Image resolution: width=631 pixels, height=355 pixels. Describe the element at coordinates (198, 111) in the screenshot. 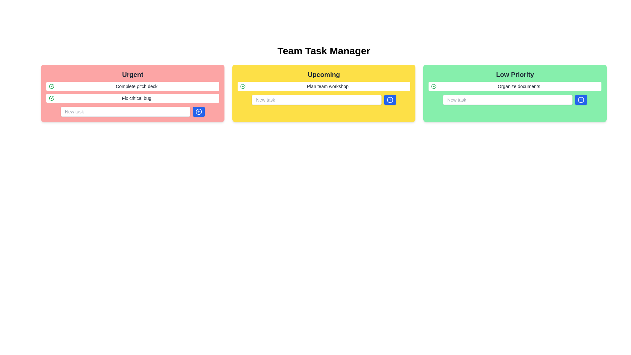

I see `the circular component of the SVG icon located in the blue button next to the text input in the red 'Urgent' task box` at that location.